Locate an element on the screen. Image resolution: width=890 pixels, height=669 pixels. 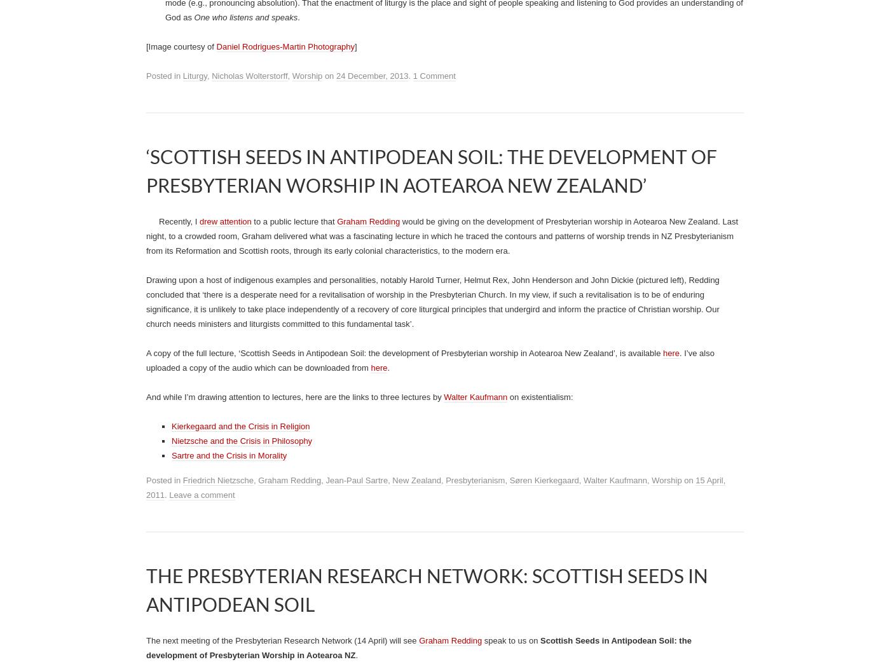
').  The highest level of implicitness is the assumption that' is located at coordinates (436, 277).